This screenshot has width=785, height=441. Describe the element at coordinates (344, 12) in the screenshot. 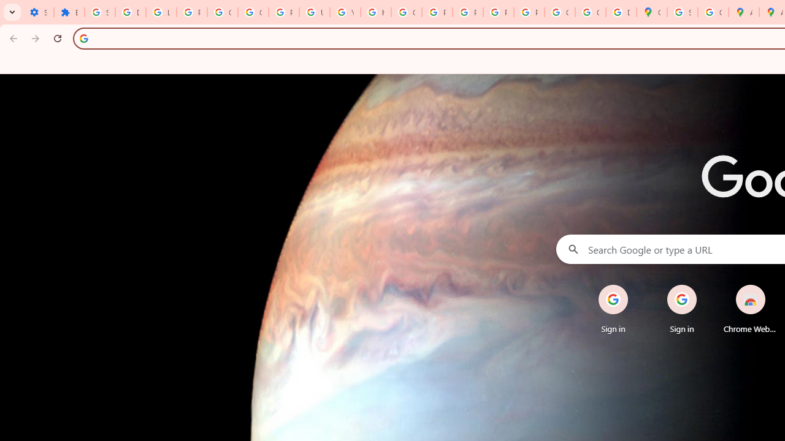

I see `'YouTube'` at that location.